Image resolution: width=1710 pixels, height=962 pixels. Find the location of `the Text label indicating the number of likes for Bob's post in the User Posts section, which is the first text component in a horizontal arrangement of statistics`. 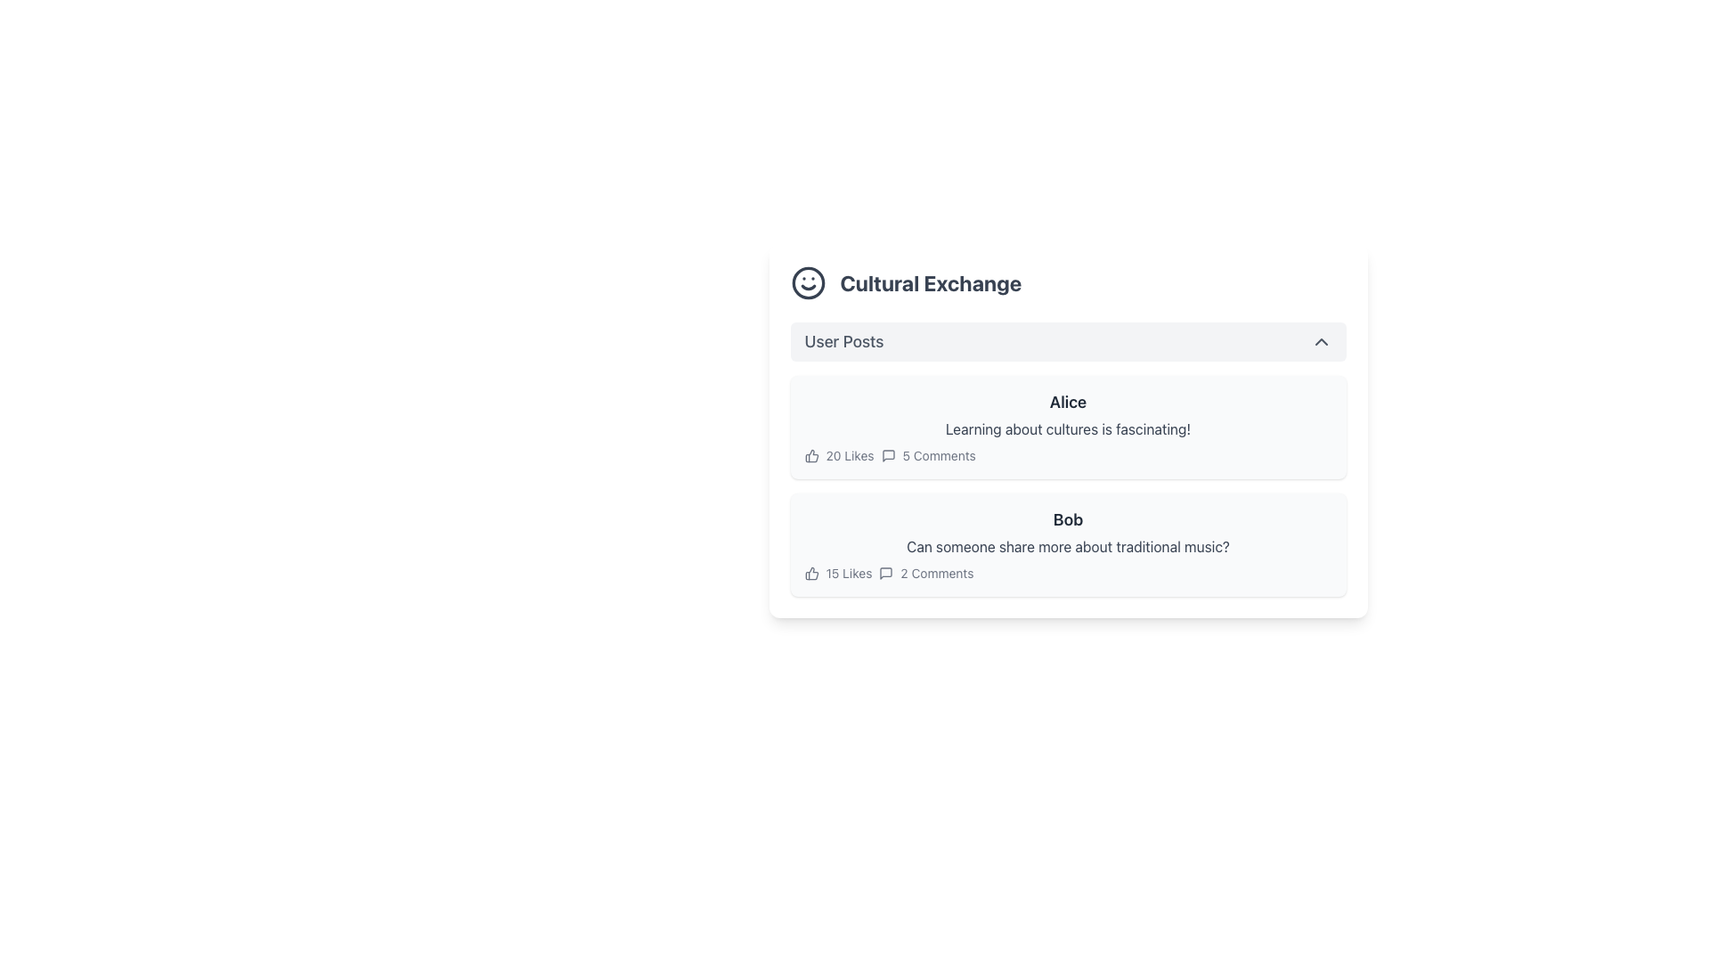

the Text label indicating the number of likes for Bob's post in the User Posts section, which is the first text component in a horizontal arrangement of statistics is located at coordinates (848, 574).